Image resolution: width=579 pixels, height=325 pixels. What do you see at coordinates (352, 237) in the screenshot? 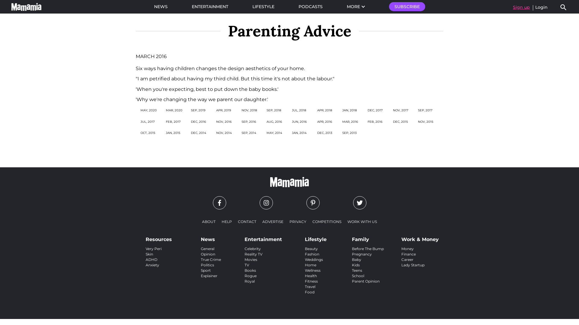
I see `'Family'` at bounding box center [352, 237].